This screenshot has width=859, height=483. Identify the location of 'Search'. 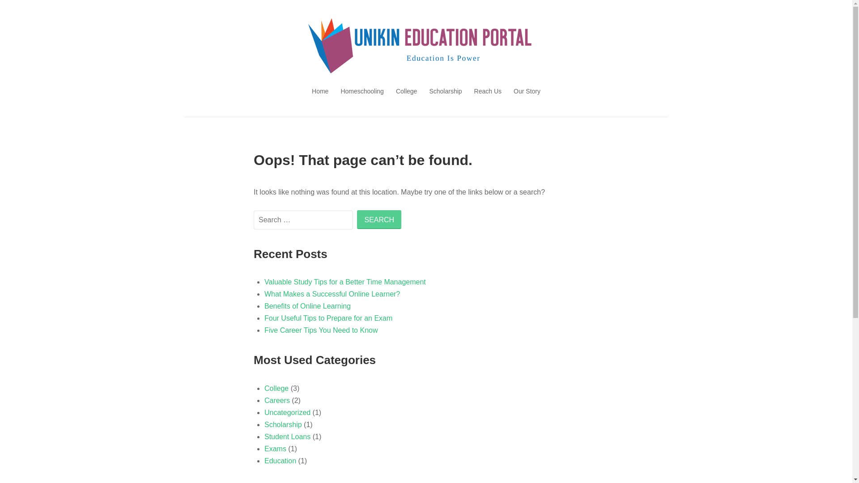
(379, 219).